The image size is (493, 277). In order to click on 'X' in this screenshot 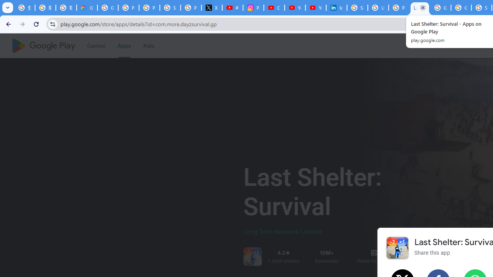, I will do `click(212, 8)`.